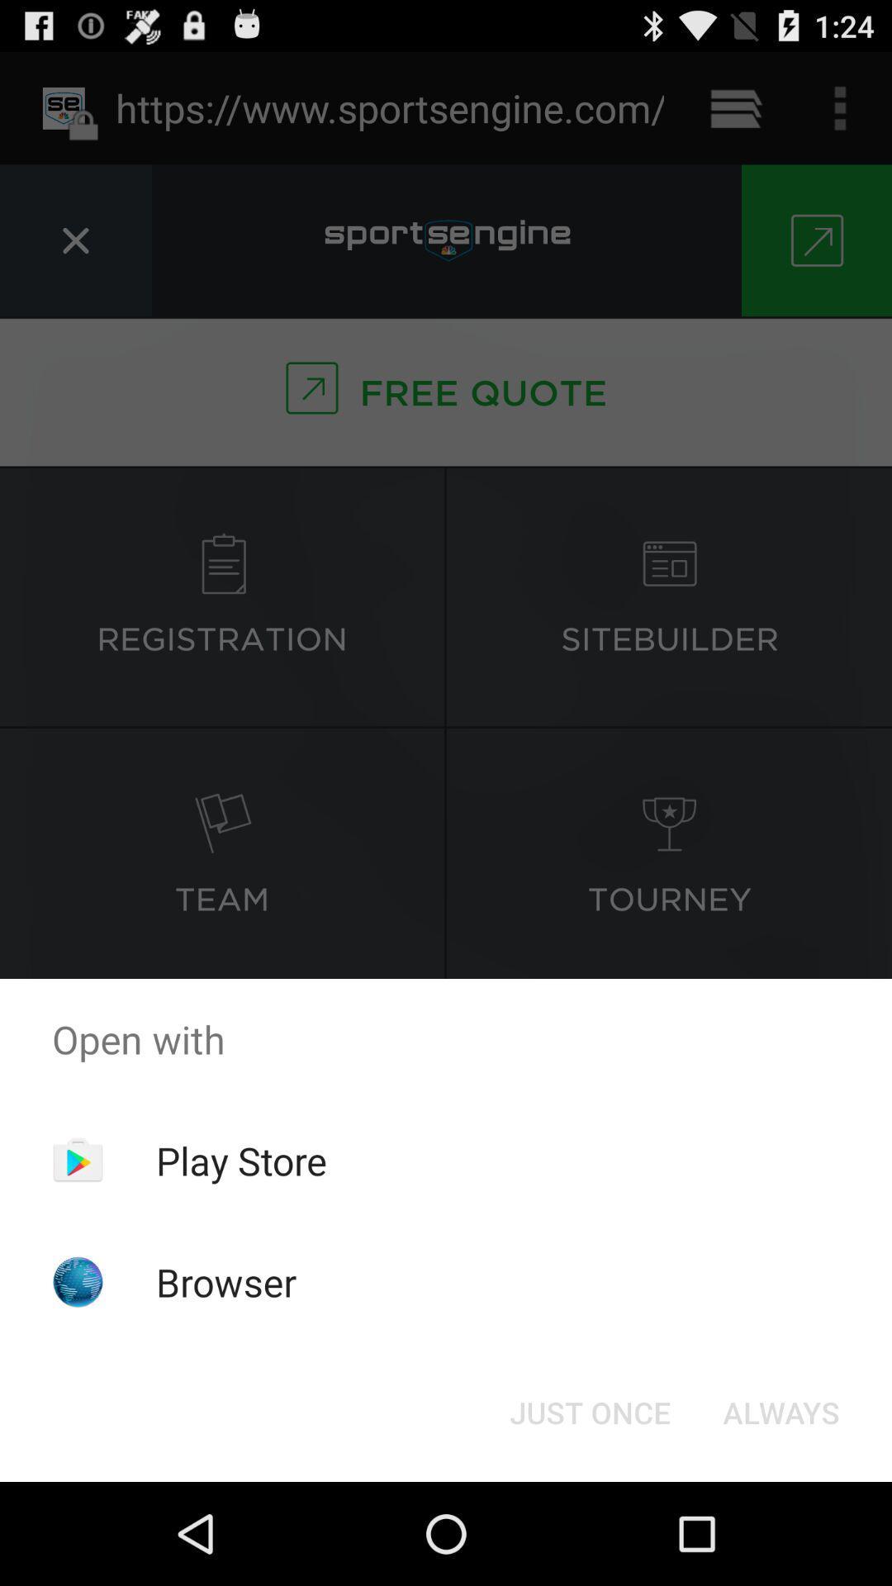  Describe the element at coordinates (780, 1411) in the screenshot. I see `item to the right of just once icon` at that location.